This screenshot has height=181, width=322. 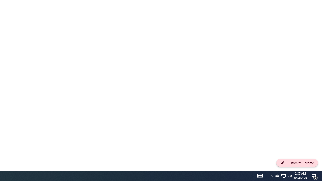 I want to click on 'Customize Chrome', so click(x=297, y=163).